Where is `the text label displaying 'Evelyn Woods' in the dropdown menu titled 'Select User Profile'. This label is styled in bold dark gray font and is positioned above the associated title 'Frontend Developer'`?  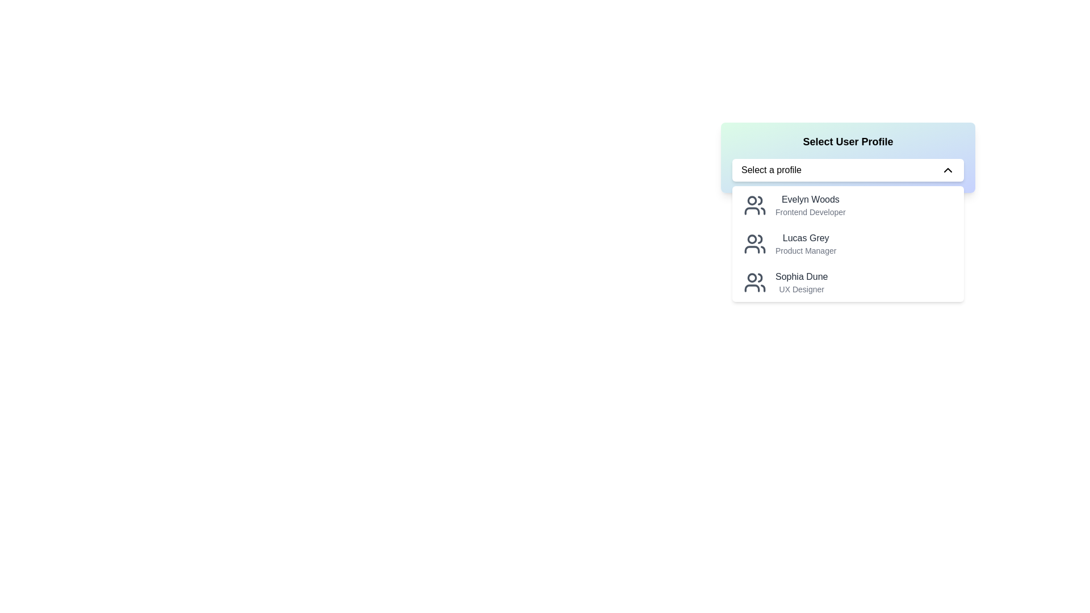
the text label displaying 'Evelyn Woods' in the dropdown menu titled 'Select User Profile'. This label is styled in bold dark gray font and is positioned above the associated title 'Frontend Developer' is located at coordinates (810, 199).